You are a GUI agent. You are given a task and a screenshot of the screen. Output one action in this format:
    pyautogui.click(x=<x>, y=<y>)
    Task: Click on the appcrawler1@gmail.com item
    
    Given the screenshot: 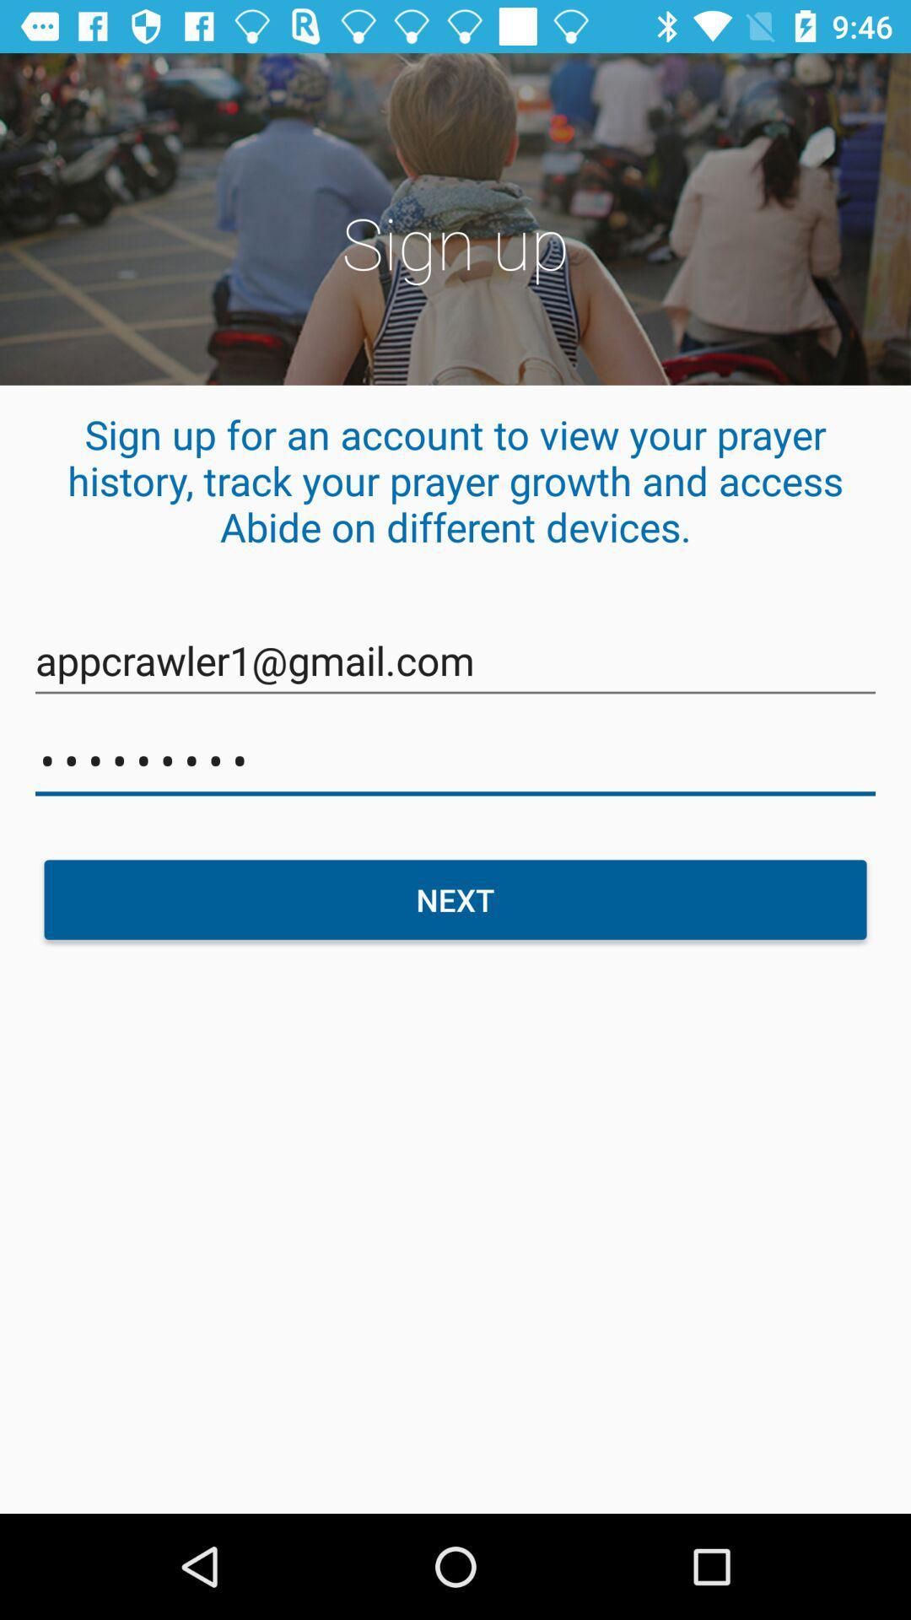 What is the action you would take?
    pyautogui.click(x=455, y=660)
    